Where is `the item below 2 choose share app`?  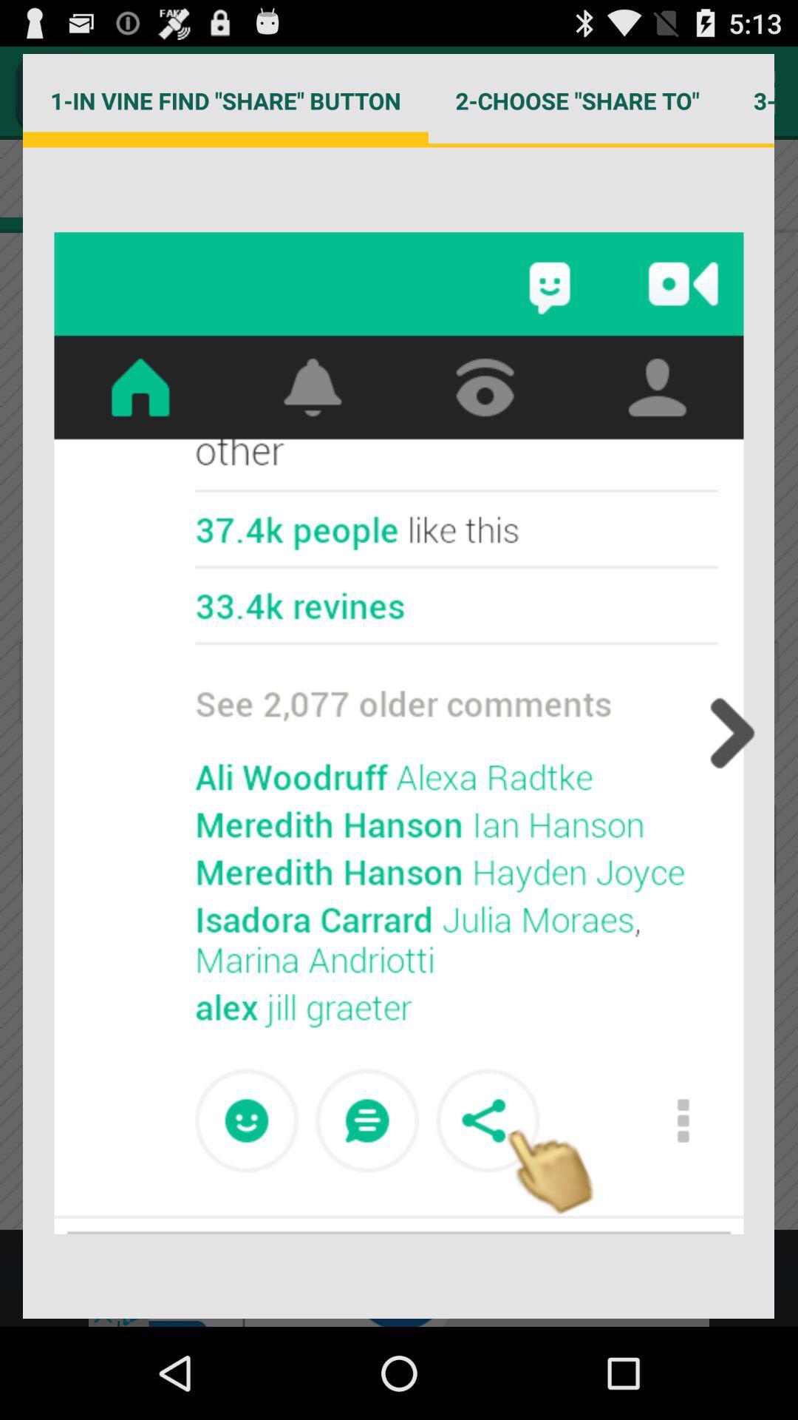 the item below 2 choose share app is located at coordinates (727, 733).